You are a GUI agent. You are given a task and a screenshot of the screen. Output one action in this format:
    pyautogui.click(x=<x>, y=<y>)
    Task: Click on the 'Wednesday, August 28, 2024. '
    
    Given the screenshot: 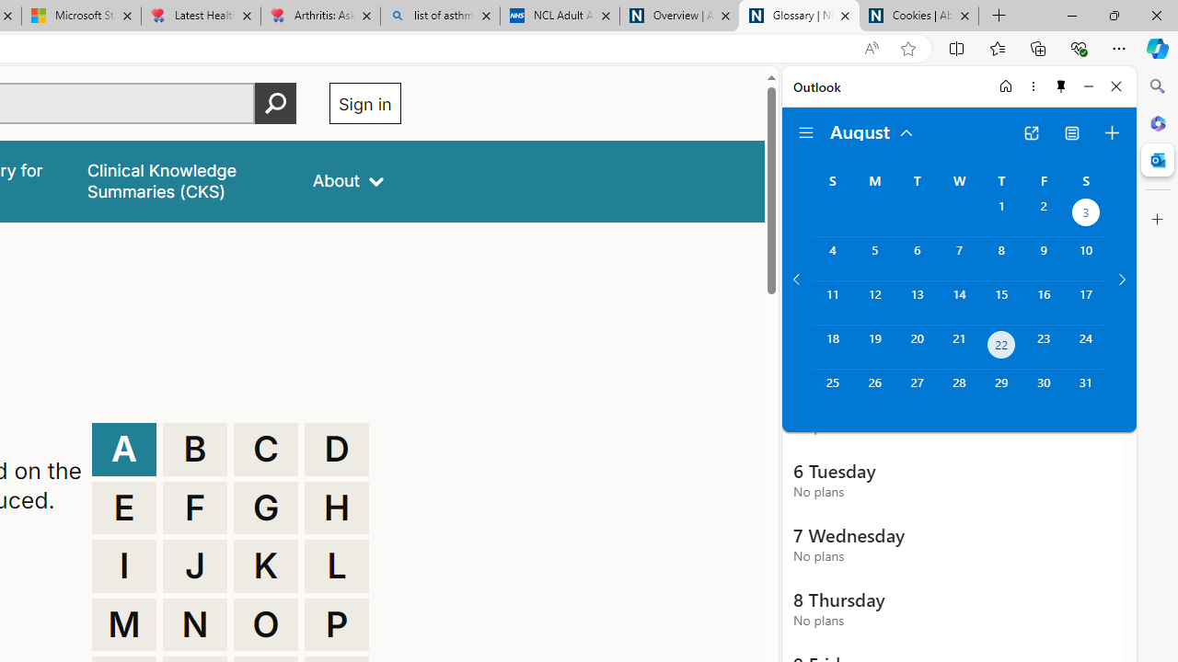 What is the action you would take?
    pyautogui.click(x=958, y=390)
    